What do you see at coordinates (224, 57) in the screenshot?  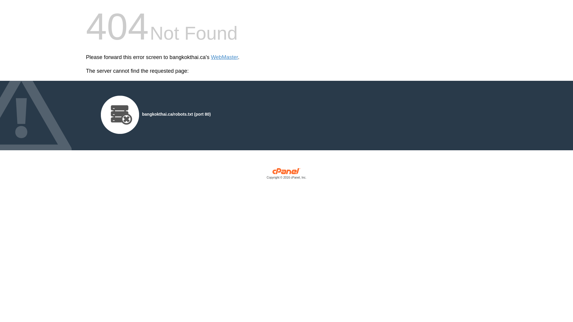 I see `'WebMaster'` at bounding box center [224, 57].